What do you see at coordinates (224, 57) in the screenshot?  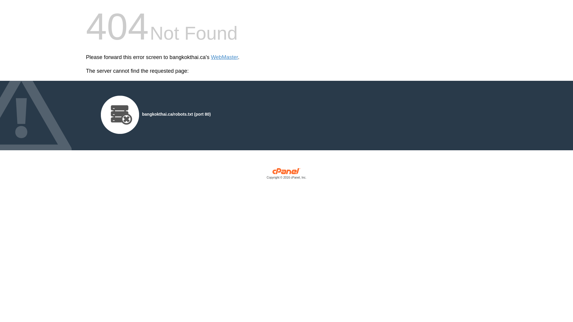 I see `'WebMaster'` at bounding box center [224, 57].